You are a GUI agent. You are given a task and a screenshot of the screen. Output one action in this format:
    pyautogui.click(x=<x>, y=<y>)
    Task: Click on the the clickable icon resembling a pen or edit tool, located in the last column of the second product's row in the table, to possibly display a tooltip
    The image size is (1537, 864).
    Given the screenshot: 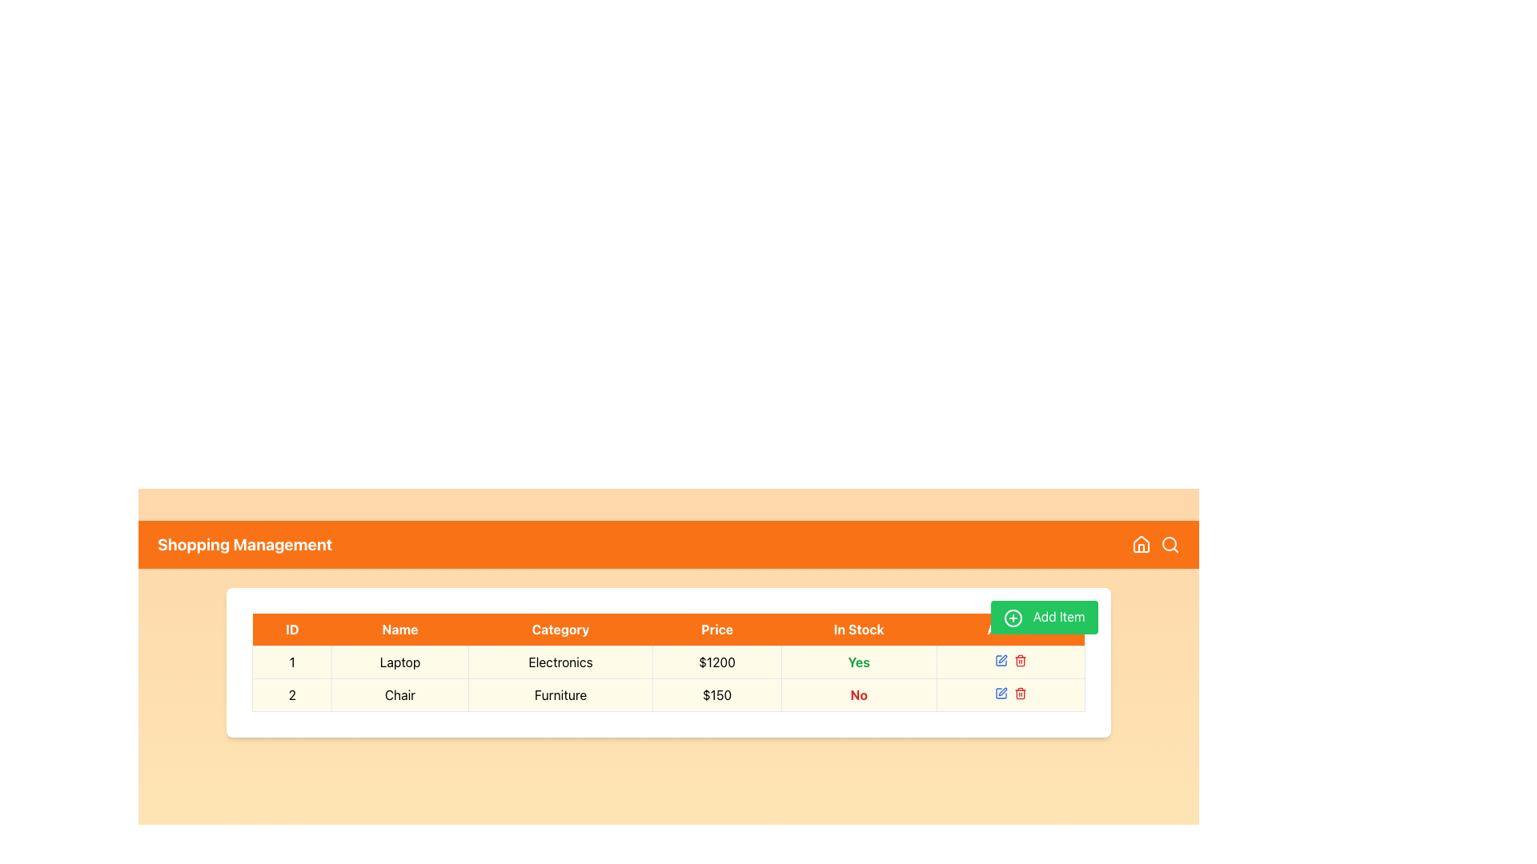 What is the action you would take?
    pyautogui.click(x=1000, y=660)
    